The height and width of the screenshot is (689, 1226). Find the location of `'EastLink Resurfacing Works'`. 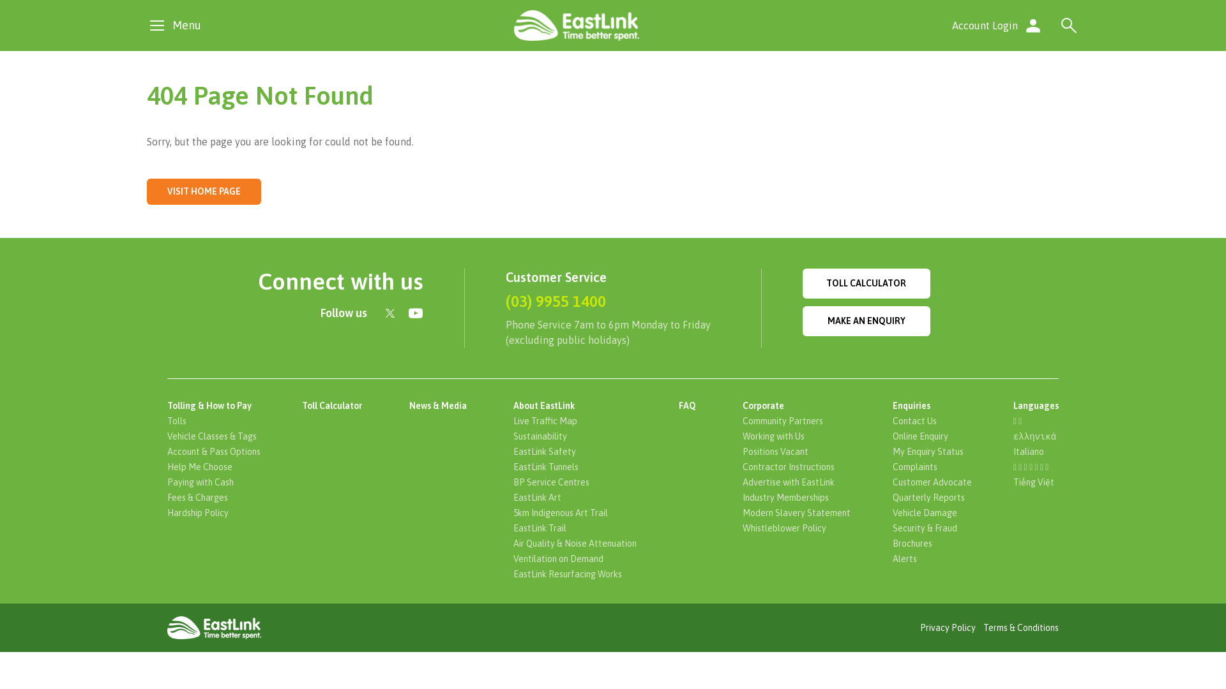

'EastLink Resurfacing Works' is located at coordinates (572, 573).